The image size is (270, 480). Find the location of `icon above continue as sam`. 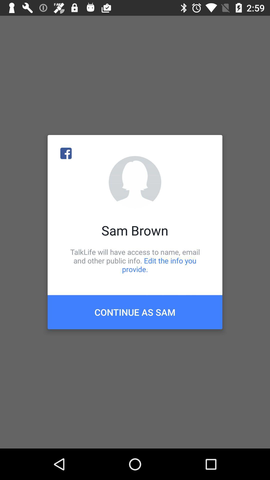

icon above continue as sam is located at coordinates (135, 260).